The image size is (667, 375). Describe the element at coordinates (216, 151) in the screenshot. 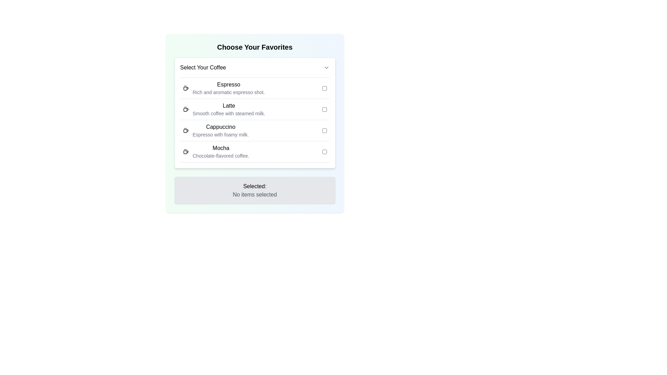

I see `text of the 'Mocha' label, which includes the bolded word 'Mocha' and the descriptive text 'Chocolate-flavored coffee.' This label is positioned as the fourth item in a vertical list of coffee options within a bordered panel` at that location.